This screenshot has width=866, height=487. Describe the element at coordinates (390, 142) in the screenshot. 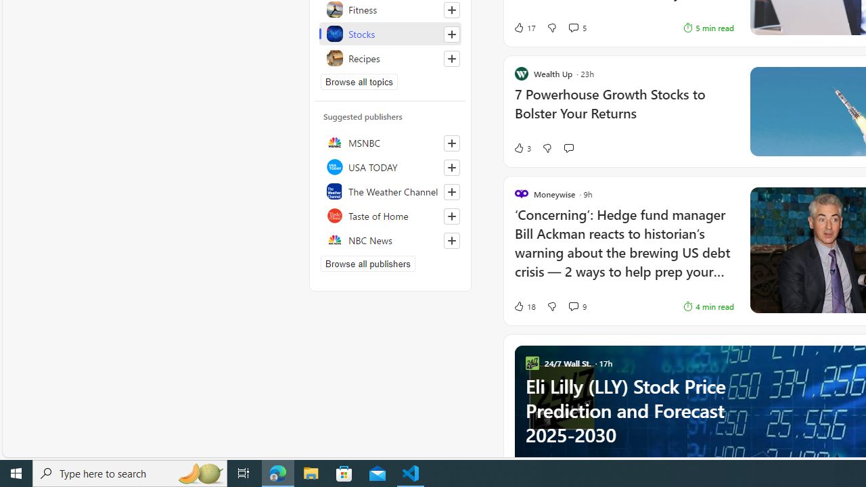

I see `'MSNBC'` at that location.